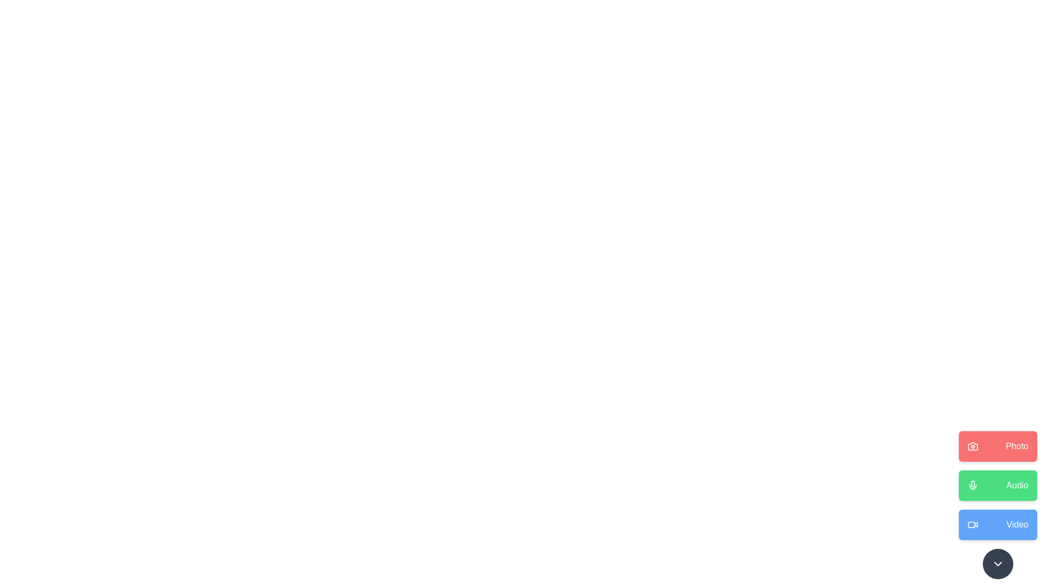 The height and width of the screenshot is (588, 1046). What do you see at coordinates (998, 563) in the screenshot?
I see `toggle button at the bottom-right corner of the MediaActionDial component` at bounding box center [998, 563].